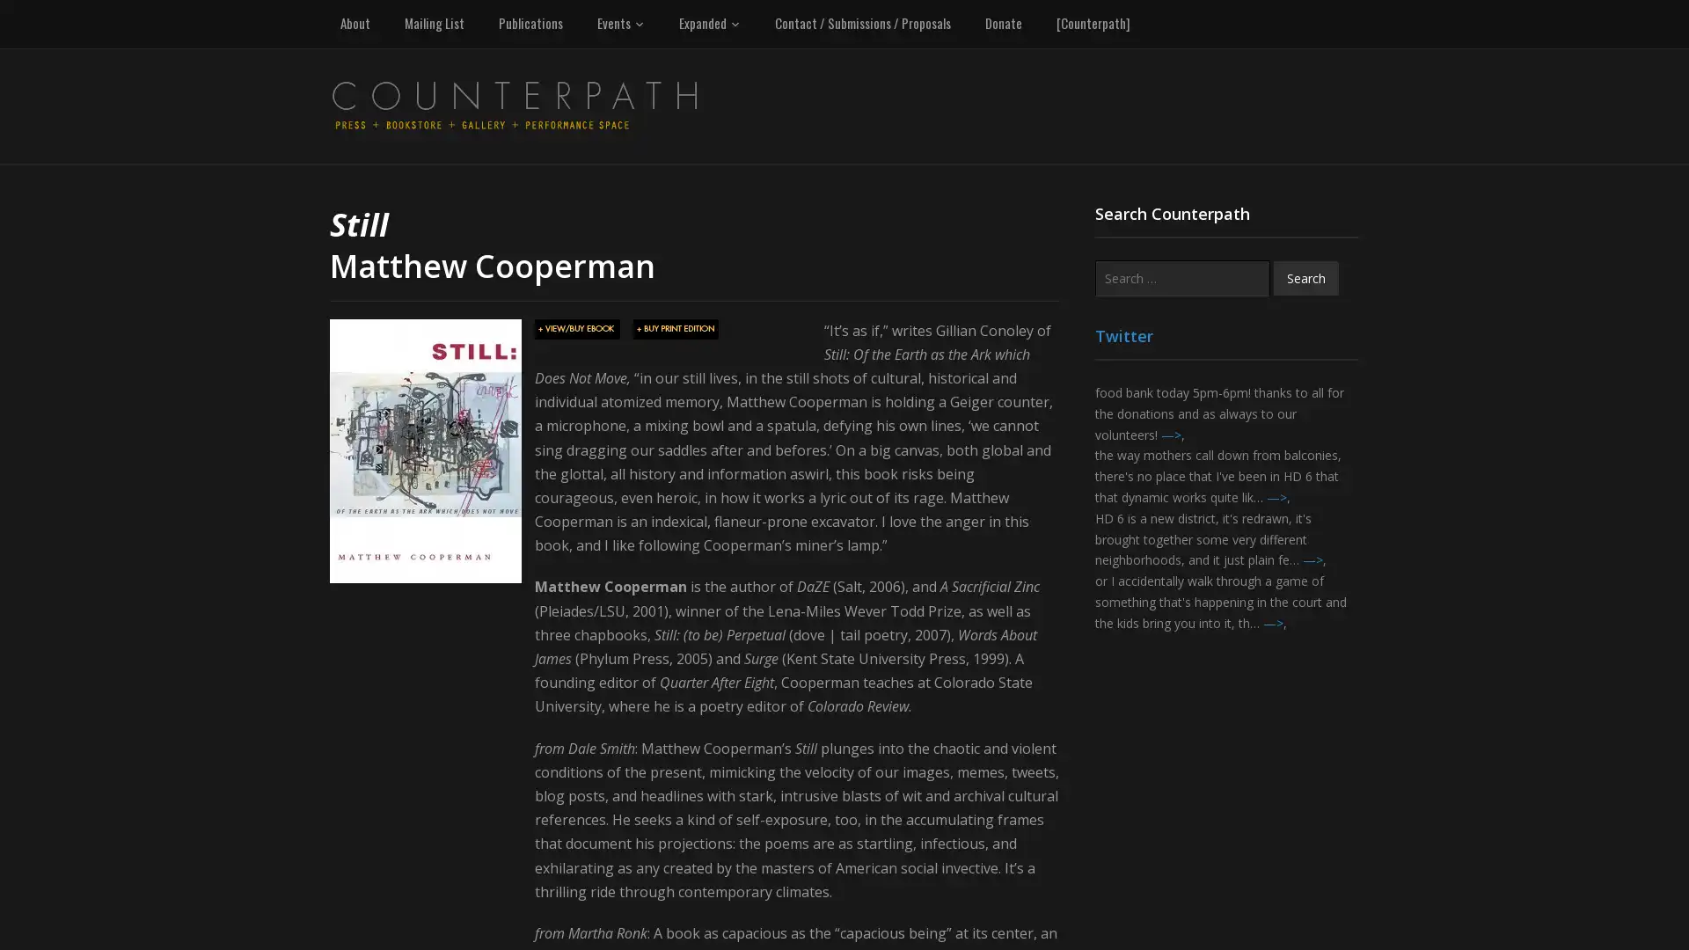 The image size is (1689, 950). Describe the element at coordinates (1305, 277) in the screenshot. I see `Search` at that location.